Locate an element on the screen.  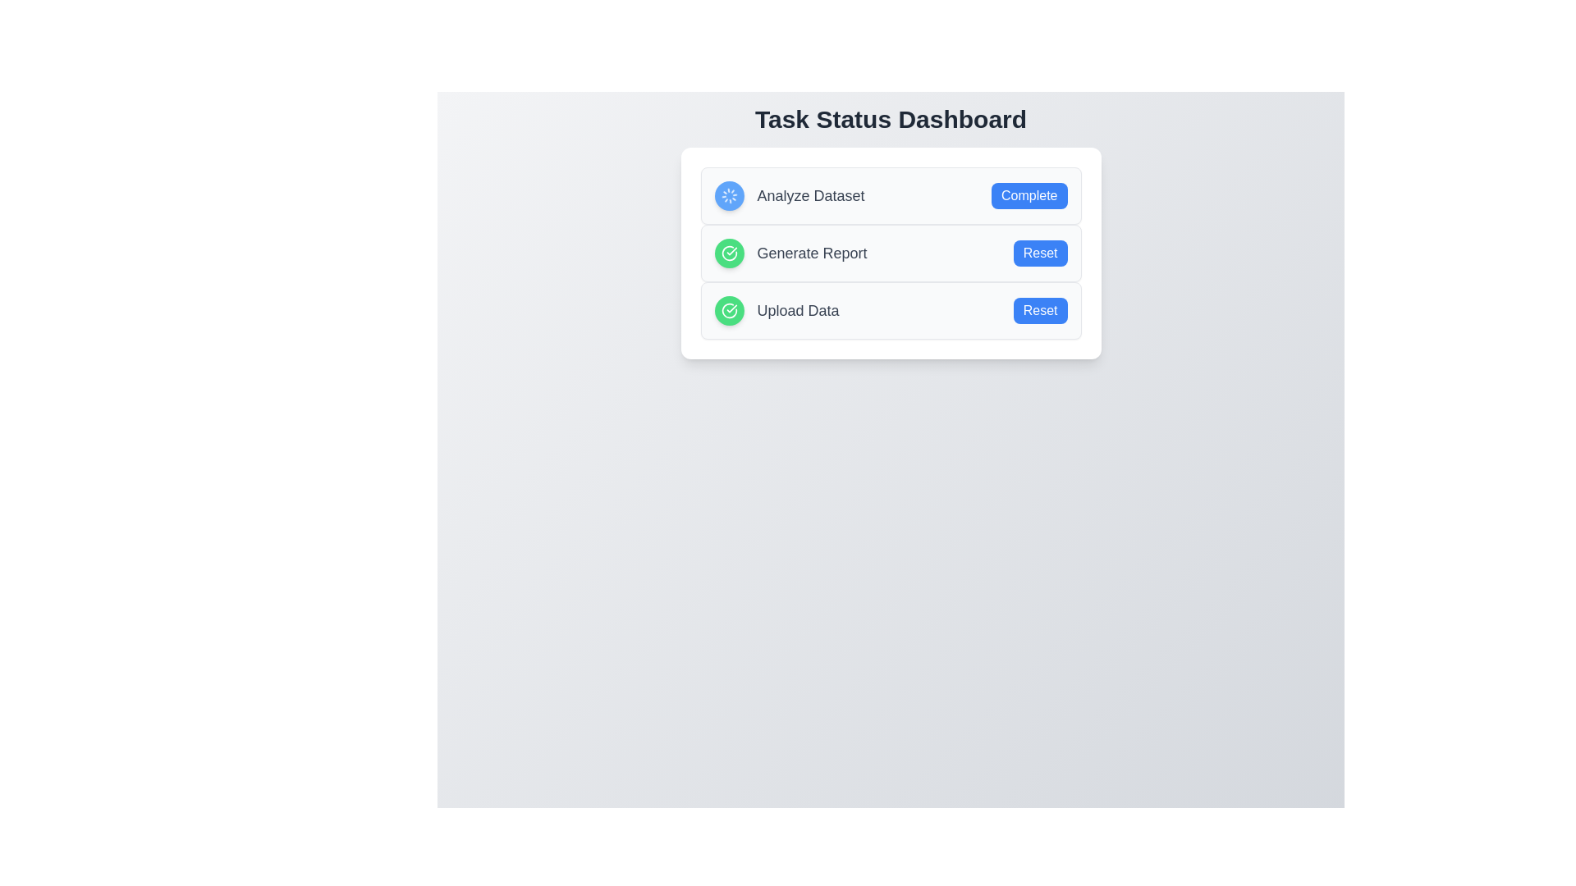
the circular check mark icon with a white color on a green background, which is the third icon in the vertical list of status icons is located at coordinates (728, 253).